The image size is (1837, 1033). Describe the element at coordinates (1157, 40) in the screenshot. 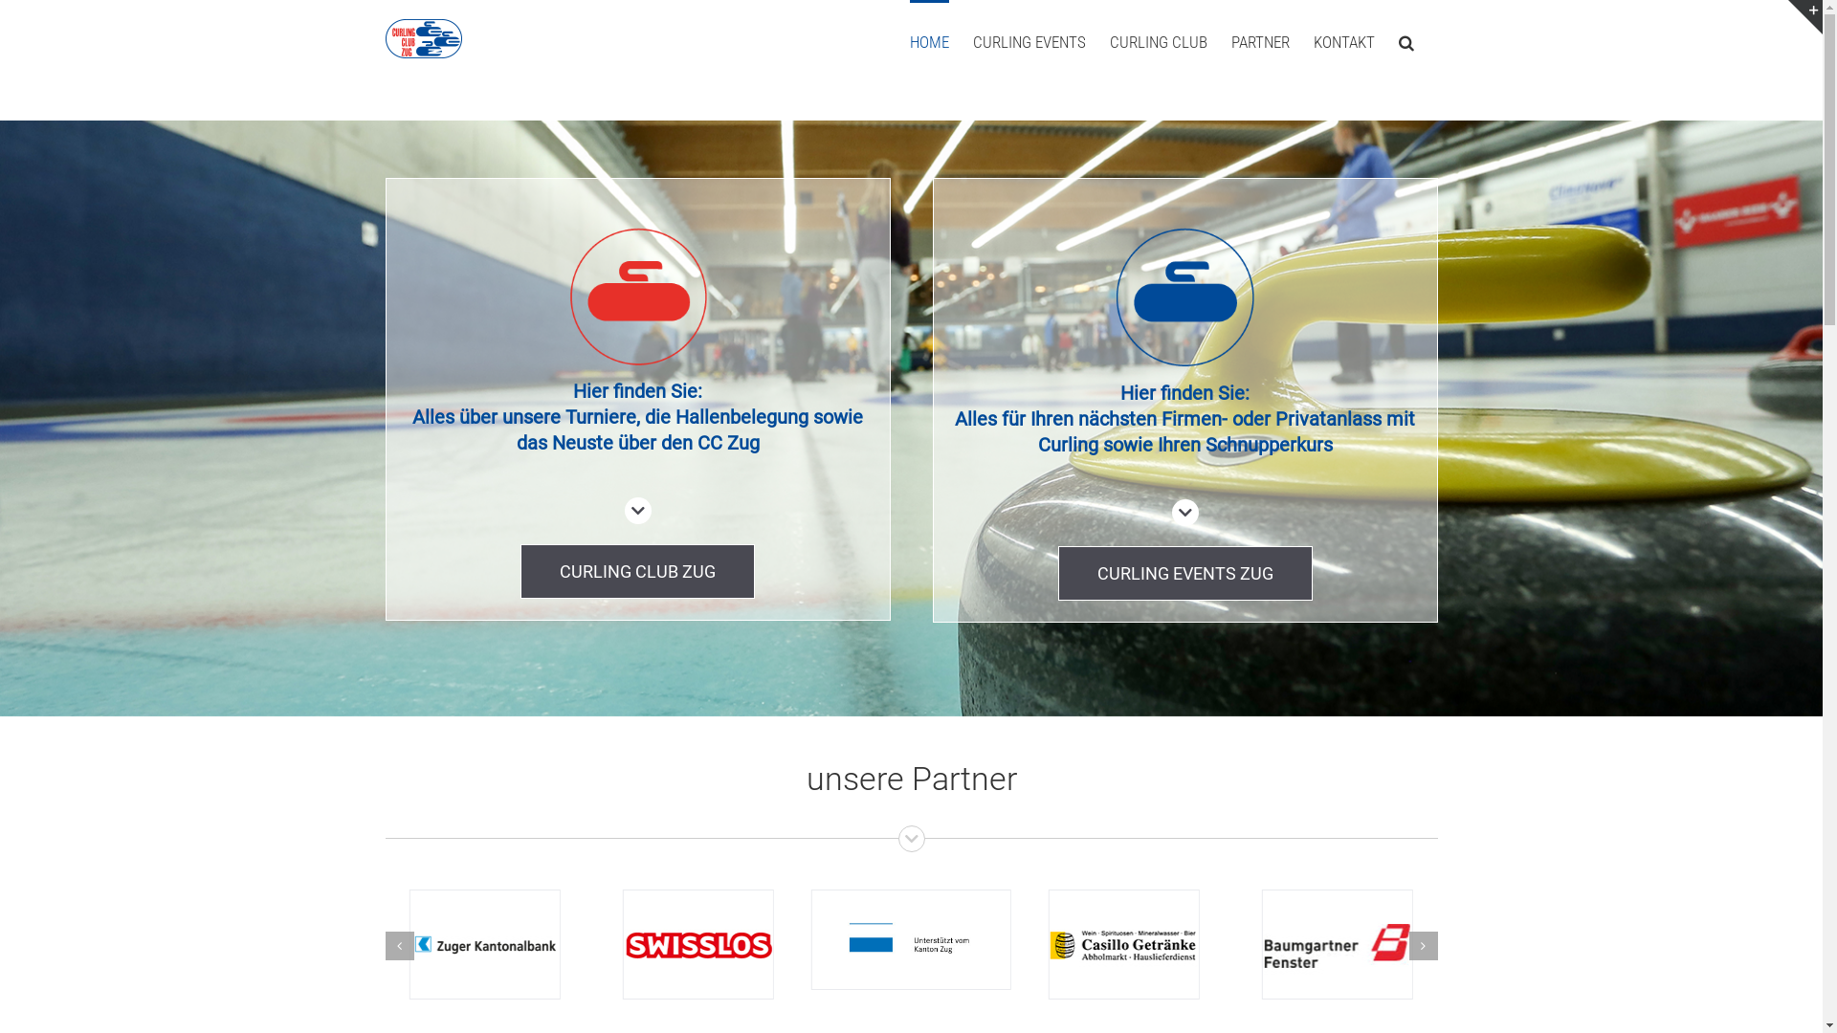

I see `'CURLING CLUB'` at that location.